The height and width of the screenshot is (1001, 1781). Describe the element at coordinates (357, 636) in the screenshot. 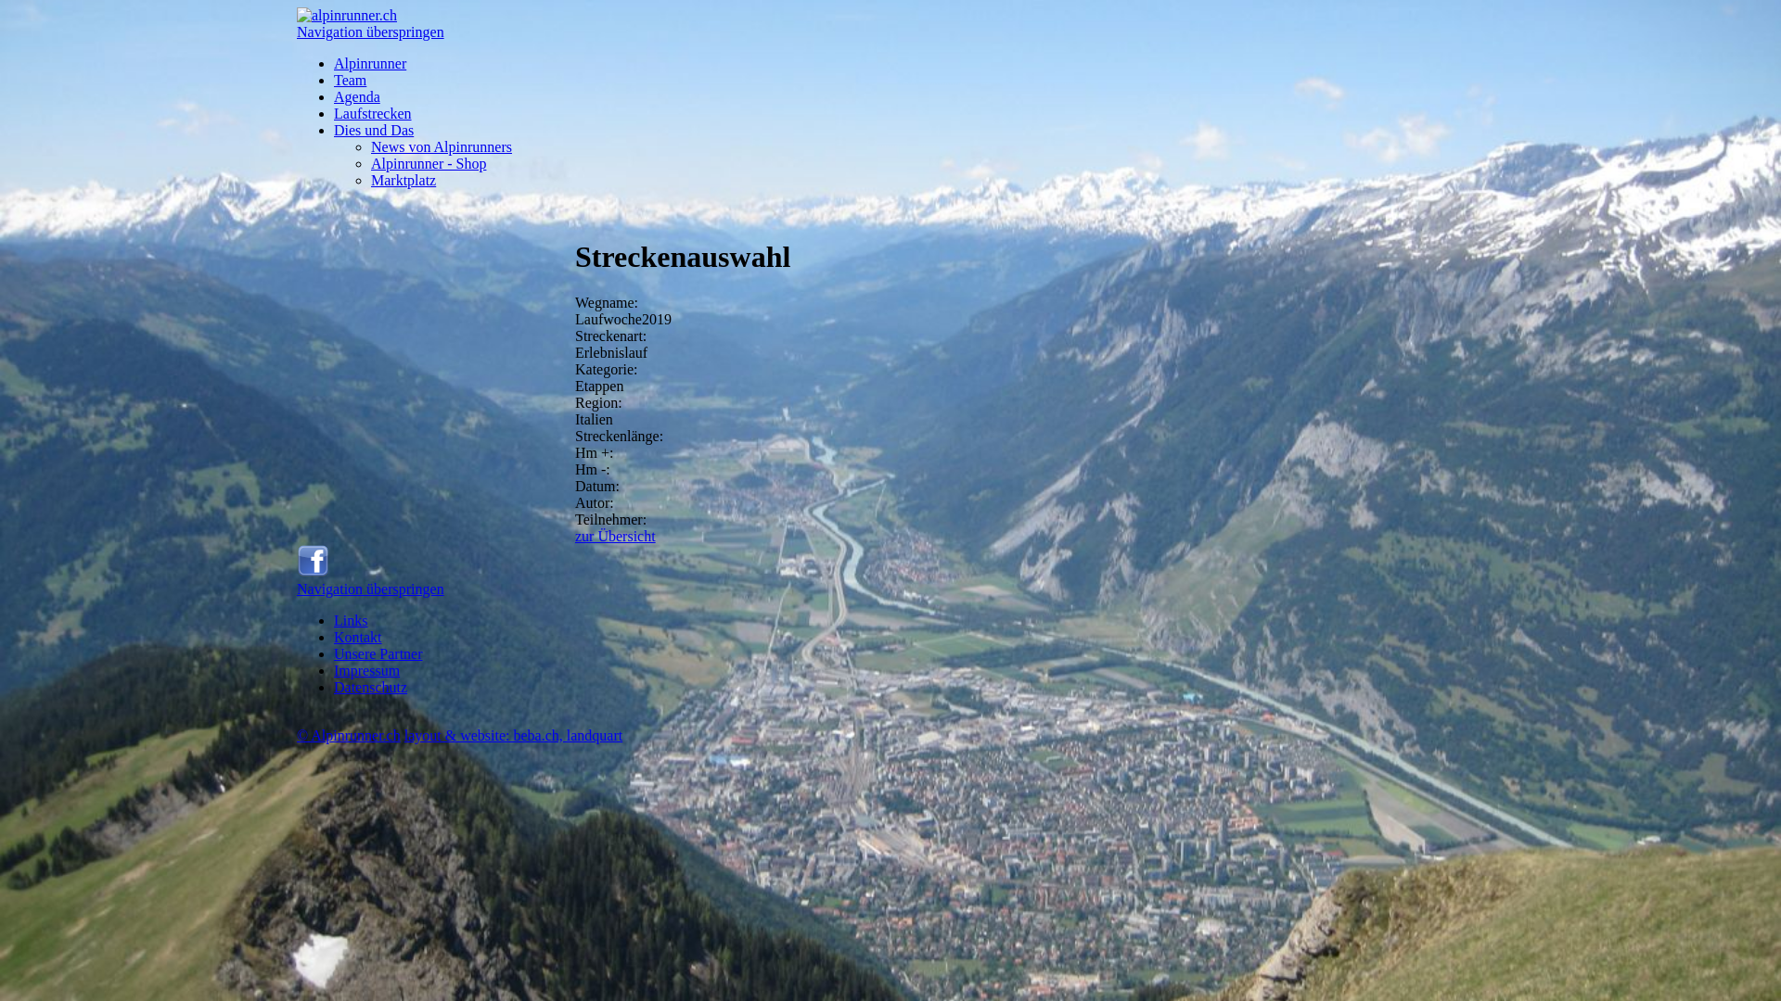

I see `'Kontakt'` at that location.